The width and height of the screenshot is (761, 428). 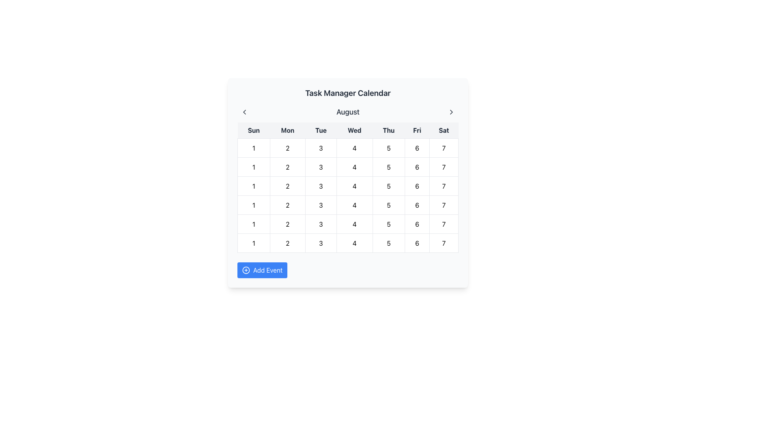 What do you see at coordinates (254, 166) in the screenshot?
I see `the Grid Cell located in the first row and first column of the calendar grid` at bounding box center [254, 166].